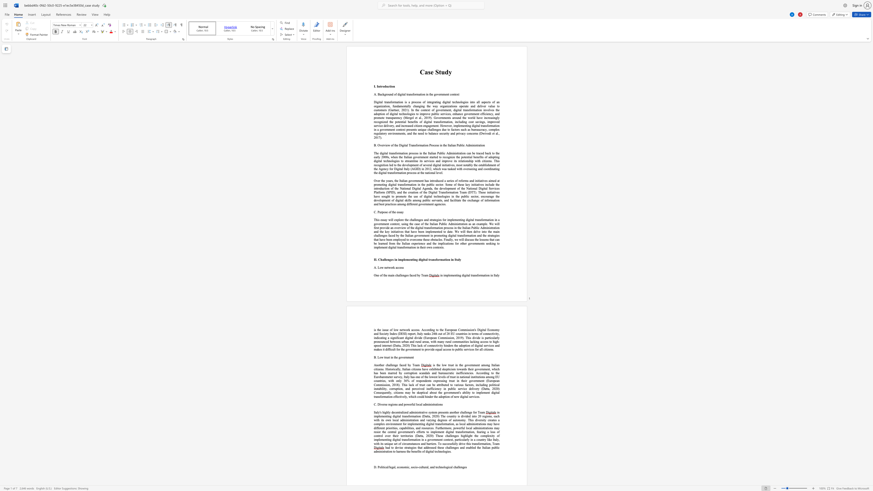 Image resolution: width=873 pixels, height=491 pixels. What do you see at coordinates (385, 275) in the screenshot?
I see `the subset text "e main cha" within the text "One of the main challenges faced by Team"` at bounding box center [385, 275].